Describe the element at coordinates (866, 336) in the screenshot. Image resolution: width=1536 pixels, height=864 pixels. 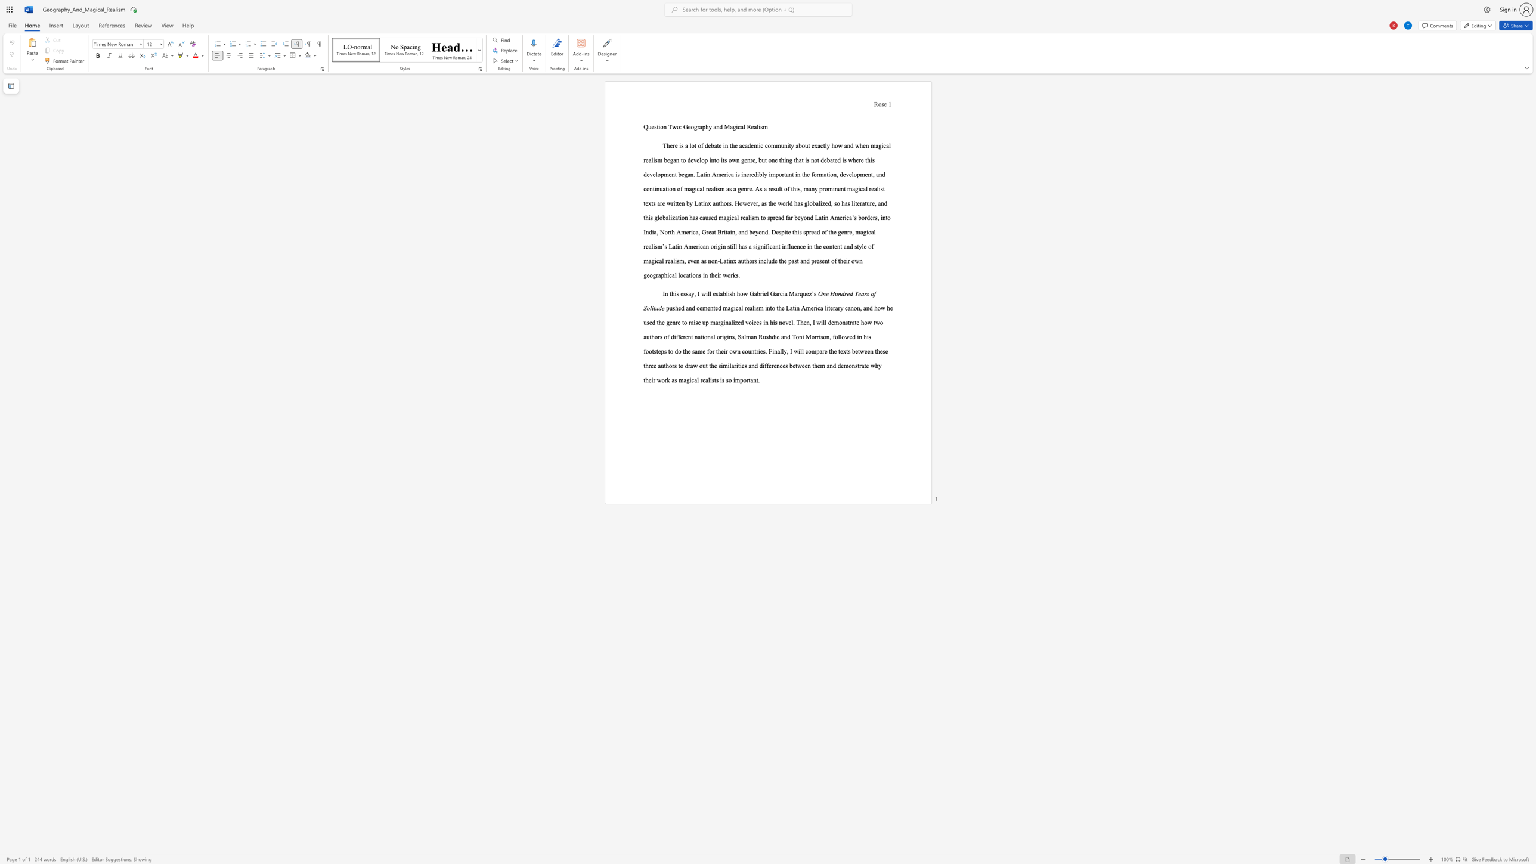
I see `the subset text "is foots" within the text "followed in his footsteps"` at that location.